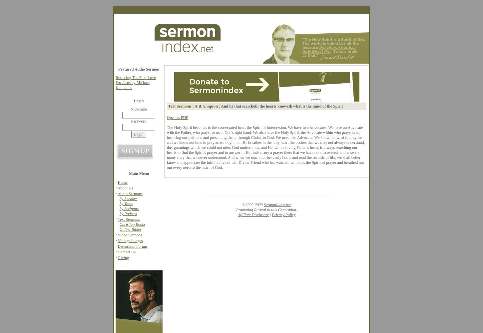 The image size is (483, 333). Describe the element at coordinates (125, 188) in the screenshot. I see `'About Us'` at that location.